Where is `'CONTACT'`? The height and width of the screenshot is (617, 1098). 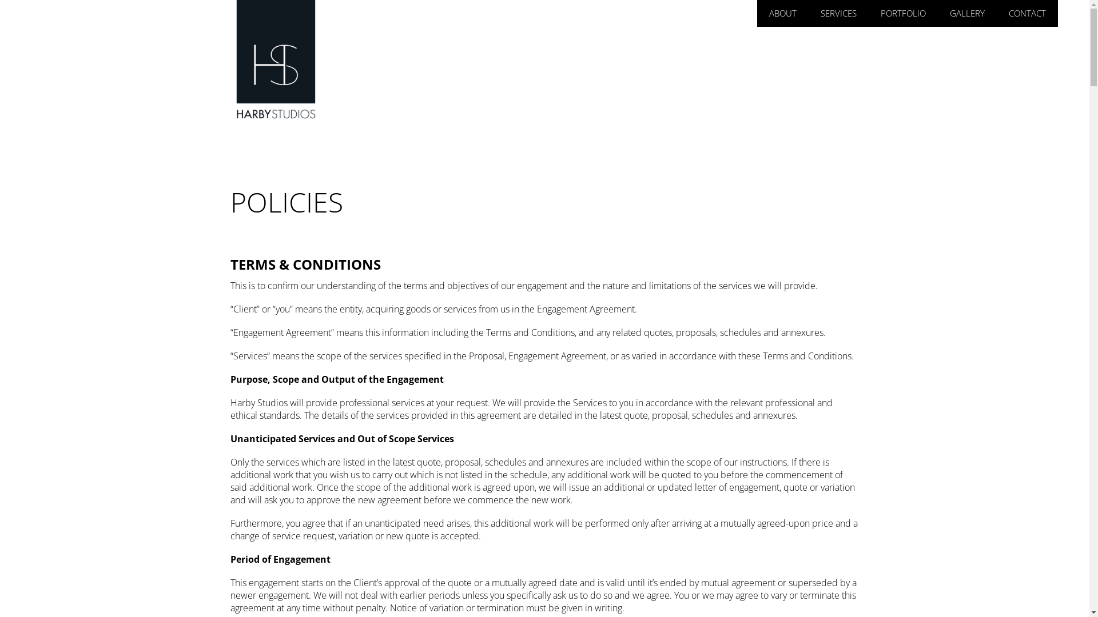
'CONTACT' is located at coordinates (1027, 13).